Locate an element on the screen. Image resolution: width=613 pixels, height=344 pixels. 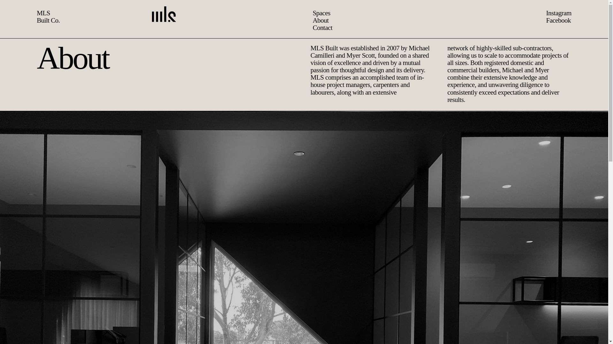
'Spaces' is located at coordinates (303, 13).